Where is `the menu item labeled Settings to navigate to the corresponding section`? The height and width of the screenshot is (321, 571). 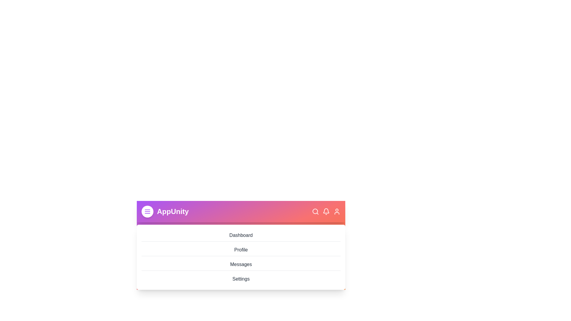
the menu item labeled Settings to navigate to the corresponding section is located at coordinates (241, 279).